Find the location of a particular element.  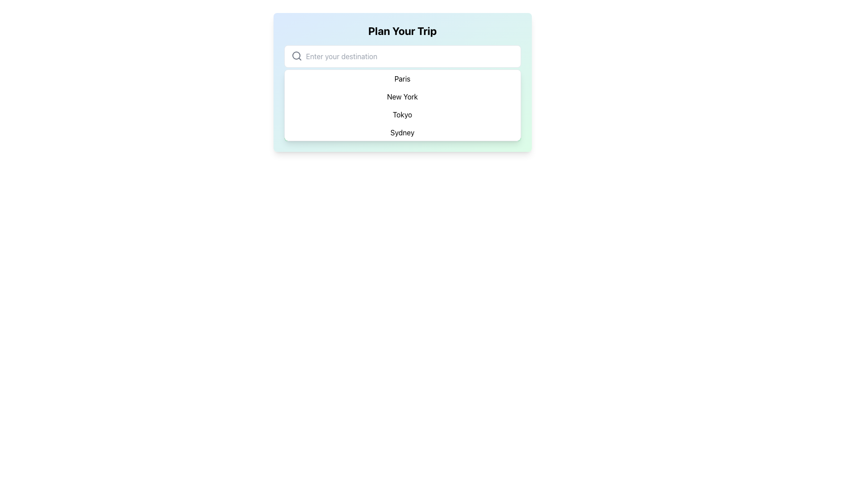

the first list item labeled 'Paris' is located at coordinates (402, 82).